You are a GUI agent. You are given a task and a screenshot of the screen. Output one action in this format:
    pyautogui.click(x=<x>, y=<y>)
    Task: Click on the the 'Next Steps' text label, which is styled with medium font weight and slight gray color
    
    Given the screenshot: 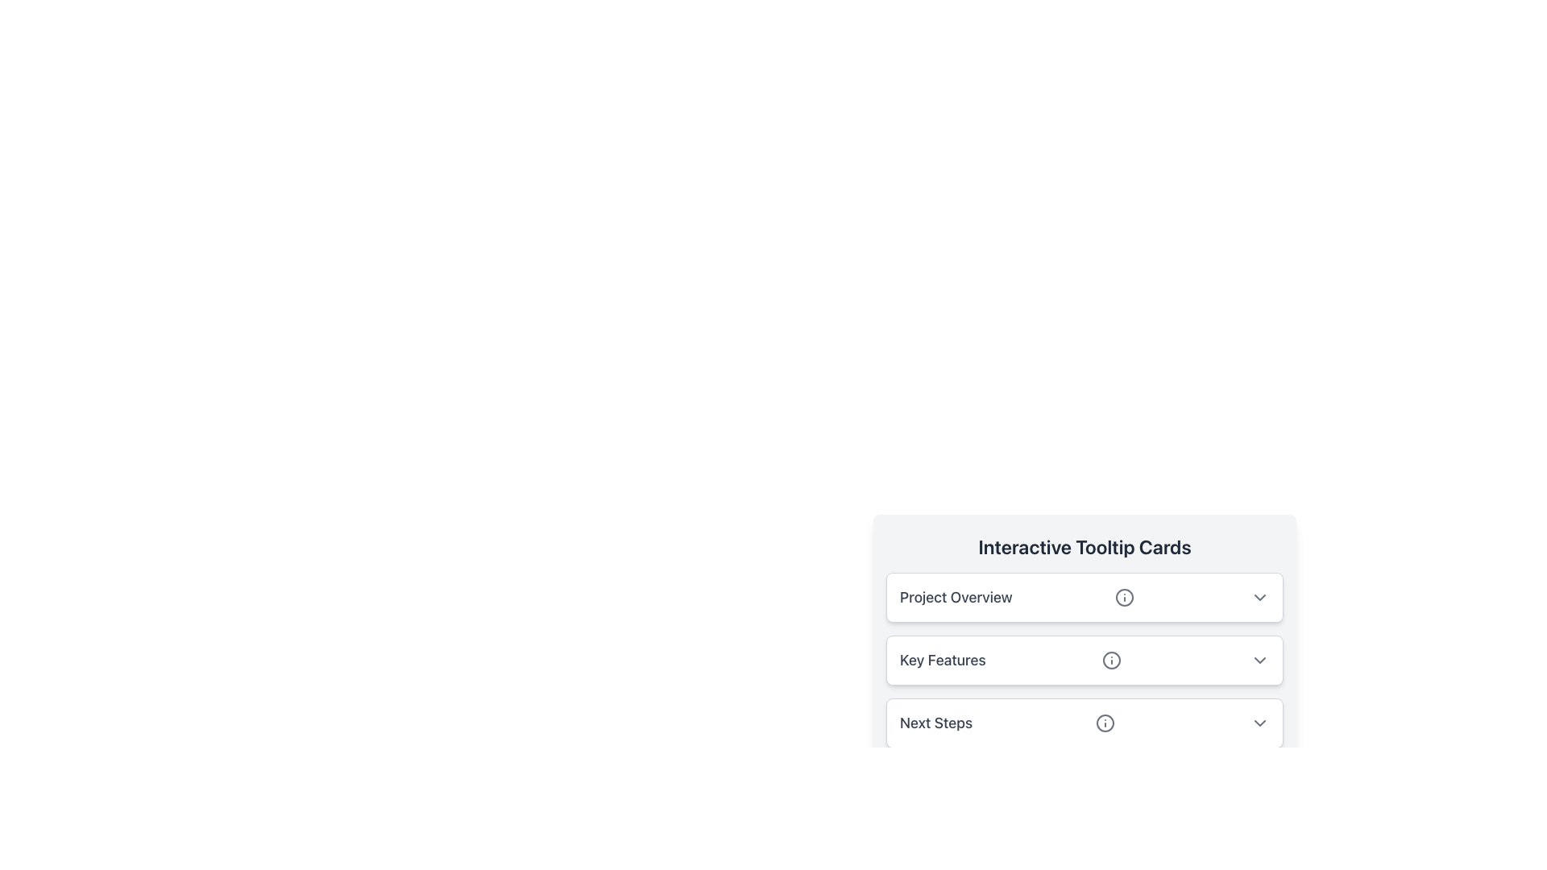 What is the action you would take?
    pyautogui.click(x=935, y=723)
    